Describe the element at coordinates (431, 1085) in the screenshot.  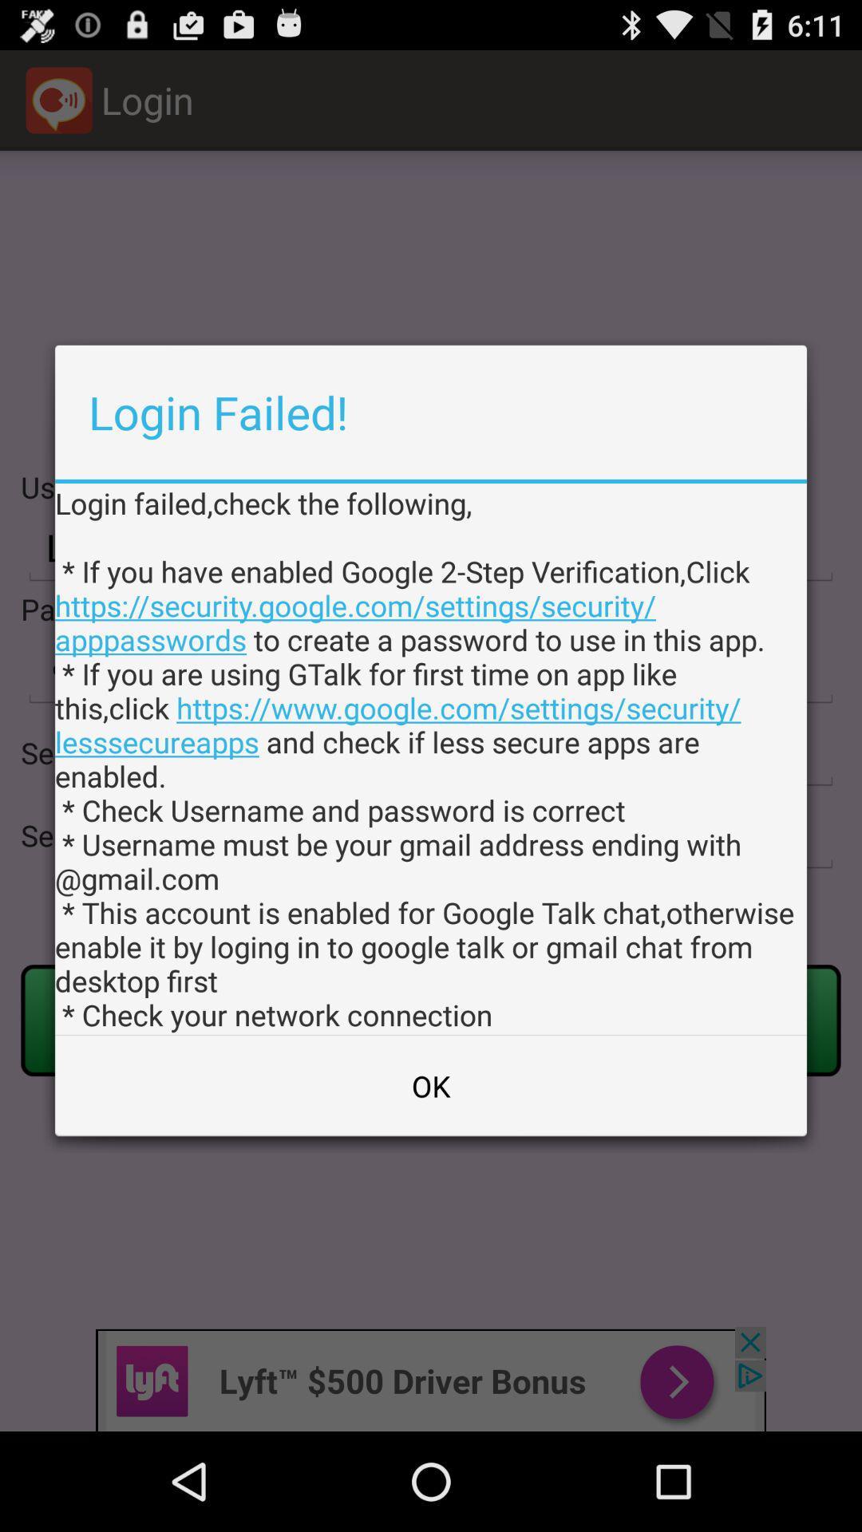
I see `the ok at the bottom` at that location.